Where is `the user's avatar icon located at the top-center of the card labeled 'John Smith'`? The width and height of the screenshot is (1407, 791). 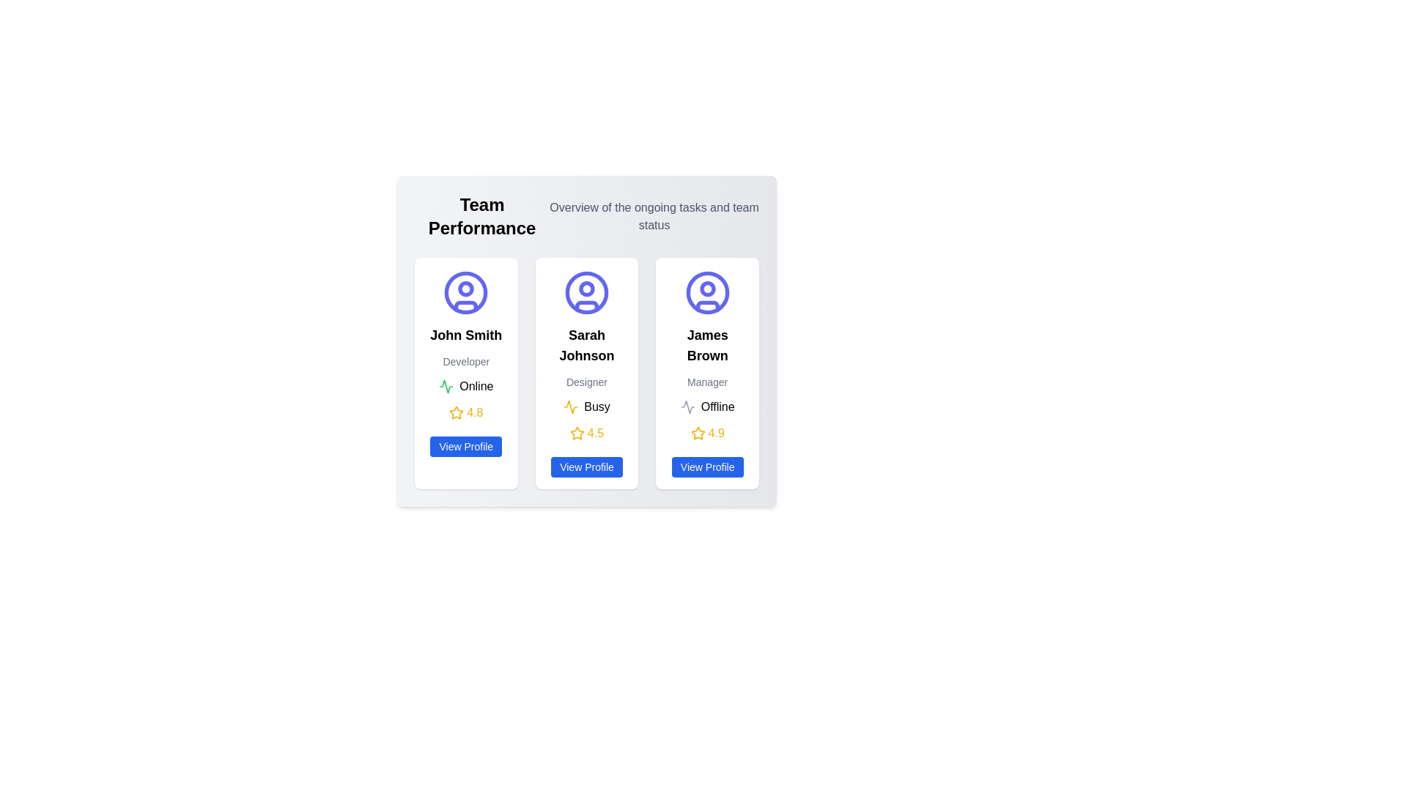
the user's avatar icon located at the top-center of the card labeled 'John Smith' is located at coordinates (465, 293).